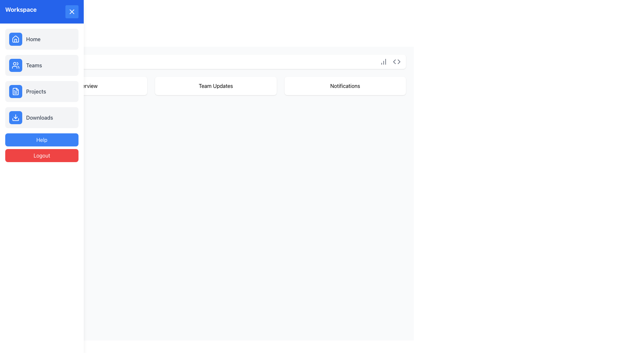 The height and width of the screenshot is (353, 628). Describe the element at coordinates (33, 39) in the screenshot. I see `the 'Home' text label in the first menu item of the vertical navigation bar located on the left side, which is displayed in a medium-sized gray font and has a light gray background` at that location.